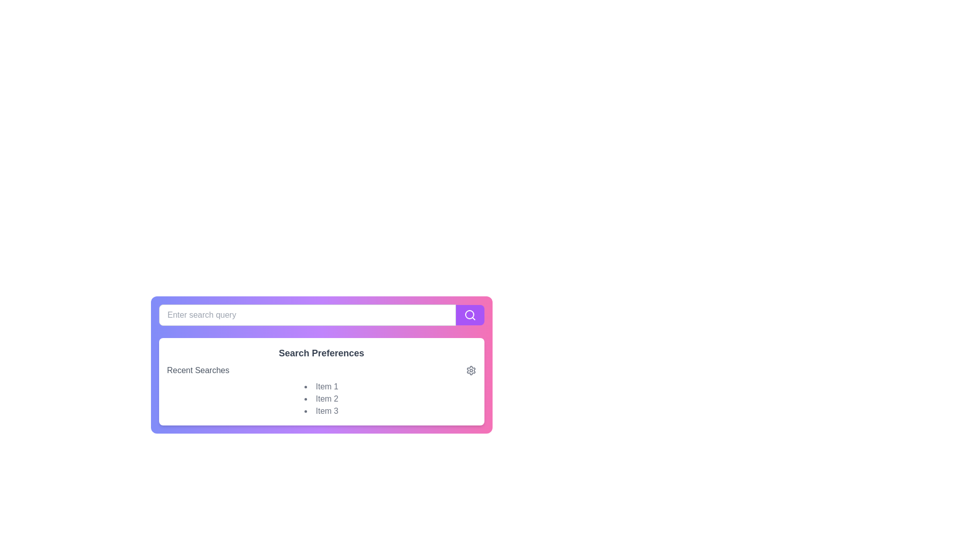 Image resolution: width=976 pixels, height=549 pixels. What do you see at coordinates (469, 315) in the screenshot?
I see `the search button with an embedded icon located on the right side of the search bar to potentially access context menu options` at bounding box center [469, 315].